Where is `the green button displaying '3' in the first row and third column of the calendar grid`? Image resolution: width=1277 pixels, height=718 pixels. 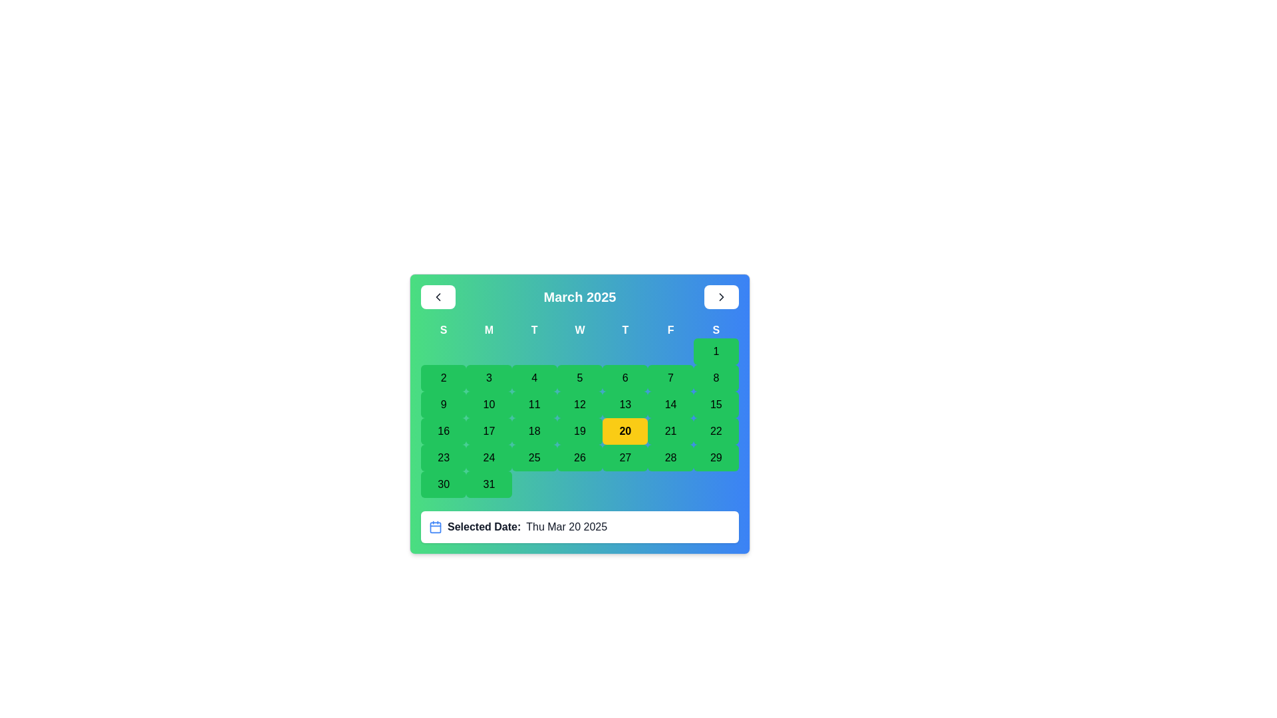 the green button displaying '3' in the first row and third column of the calendar grid is located at coordinates (488, 378).